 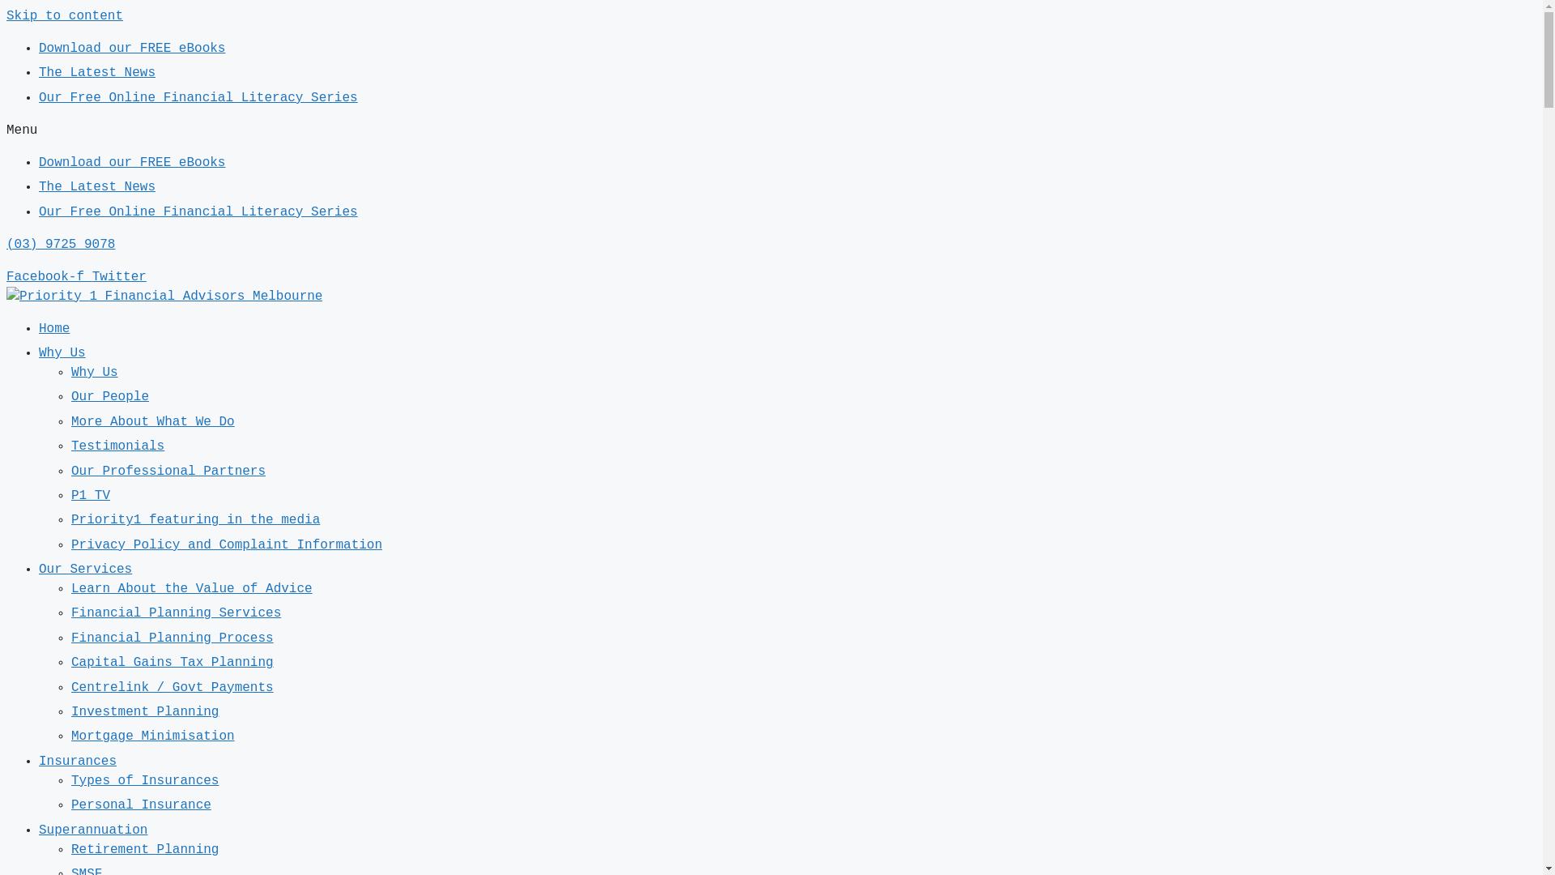 What do you see at coordinates (172, 637) in the screenshot?
I see `'Financial Planning Process'` at bounding box center [172, 637].